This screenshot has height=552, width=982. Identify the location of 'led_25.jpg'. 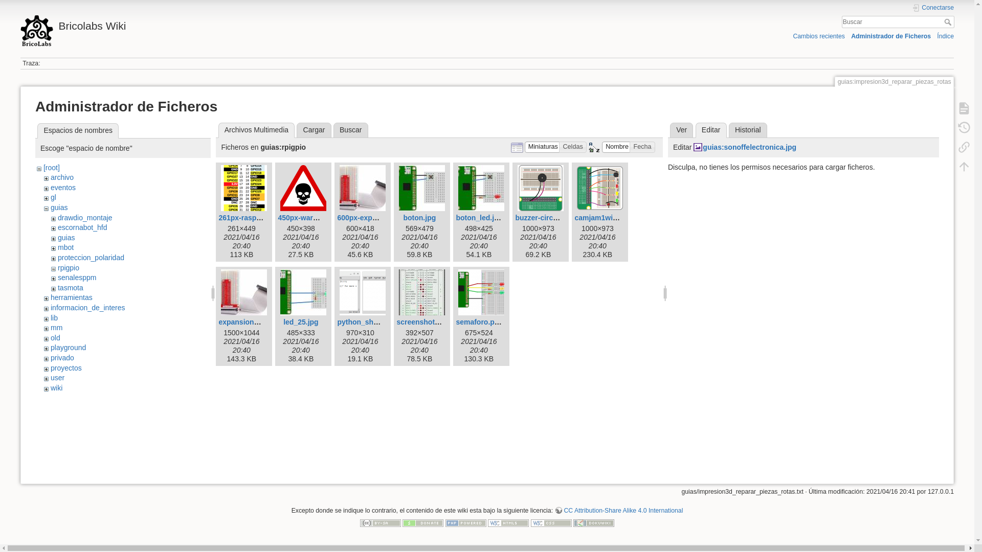
(300, 321).